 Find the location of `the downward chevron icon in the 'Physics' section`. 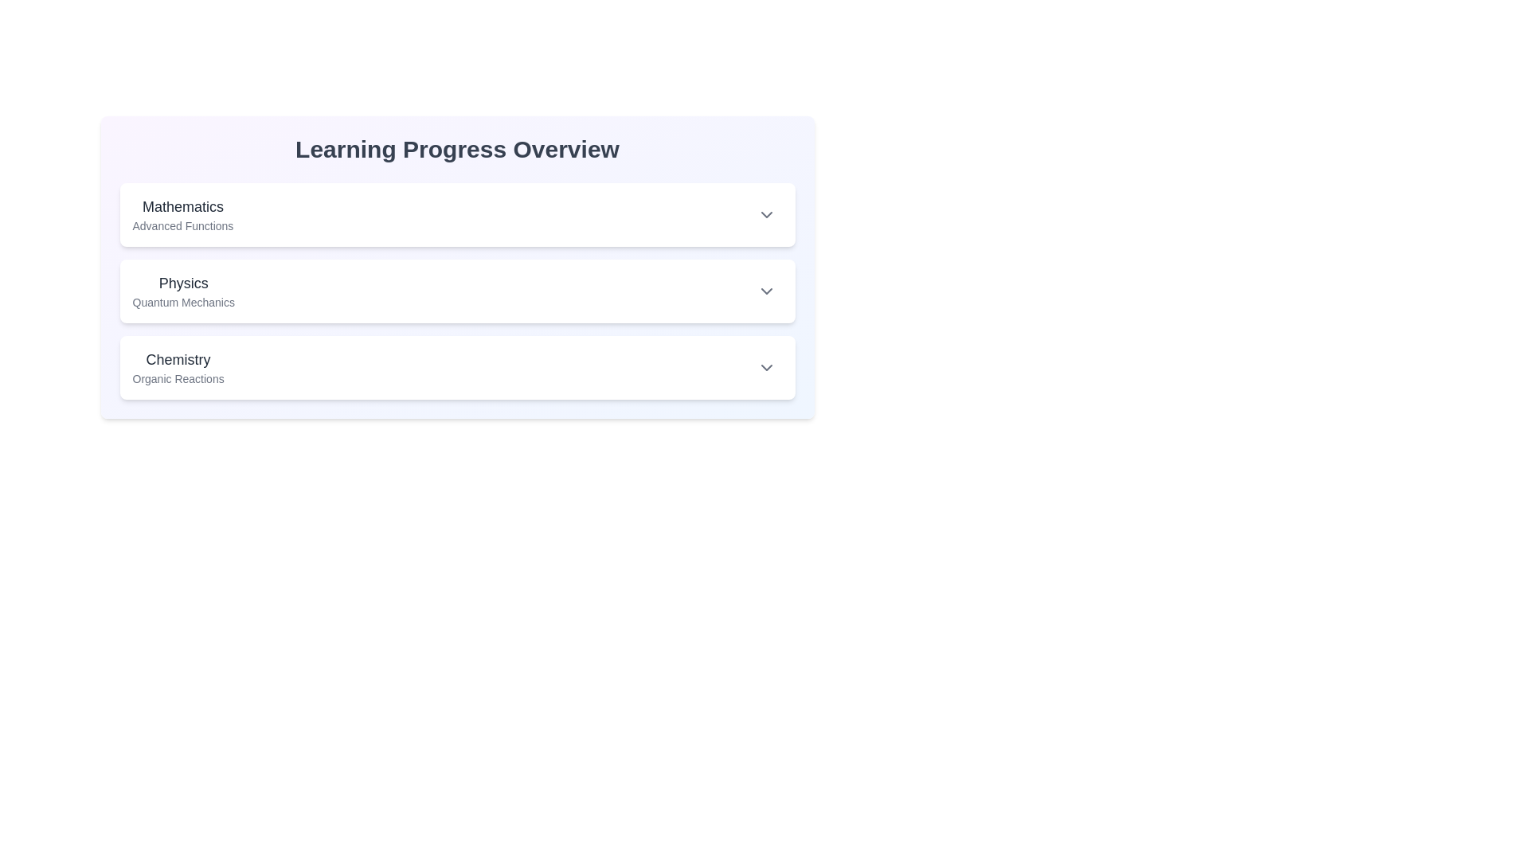

the downward chevron icon in the 'Physics' section is located at coordinates (766, 291).